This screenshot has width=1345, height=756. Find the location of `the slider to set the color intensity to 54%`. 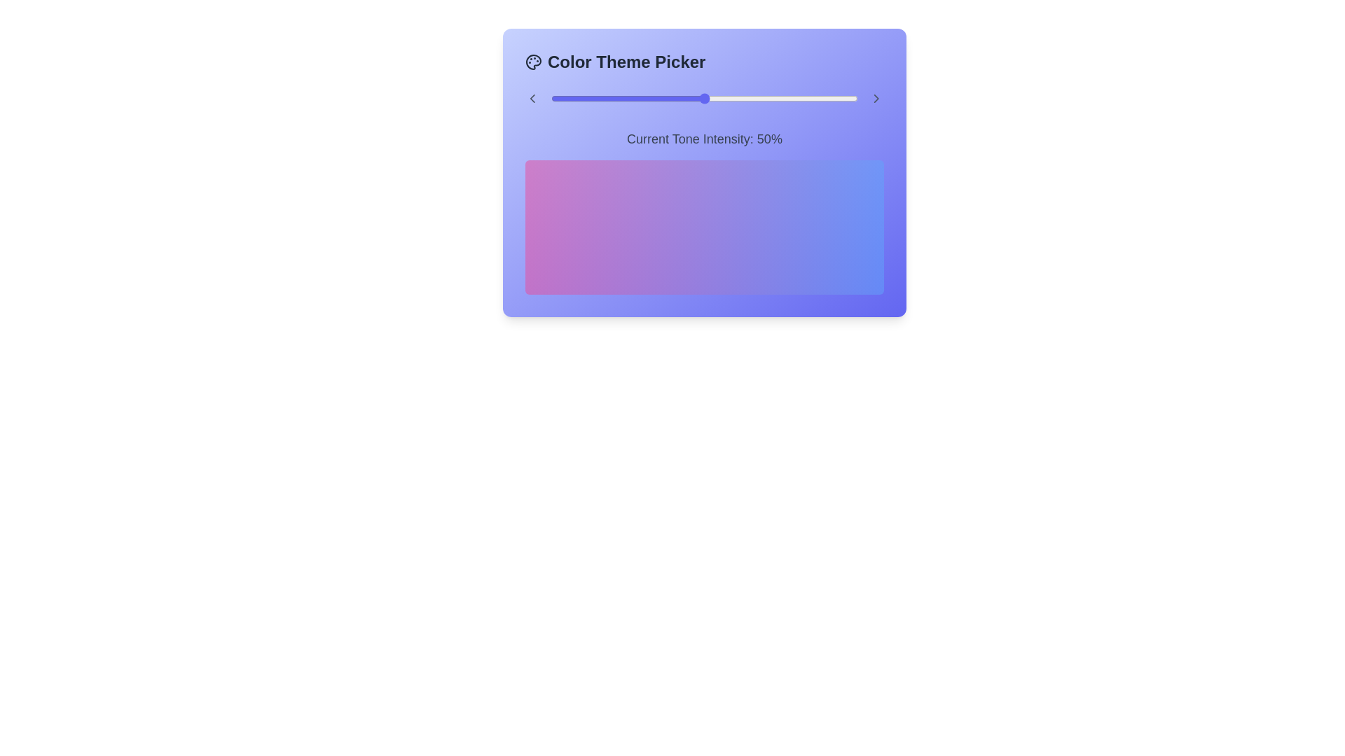

the slider to set the color intensity to 54% is located at coordinates (717, 98).